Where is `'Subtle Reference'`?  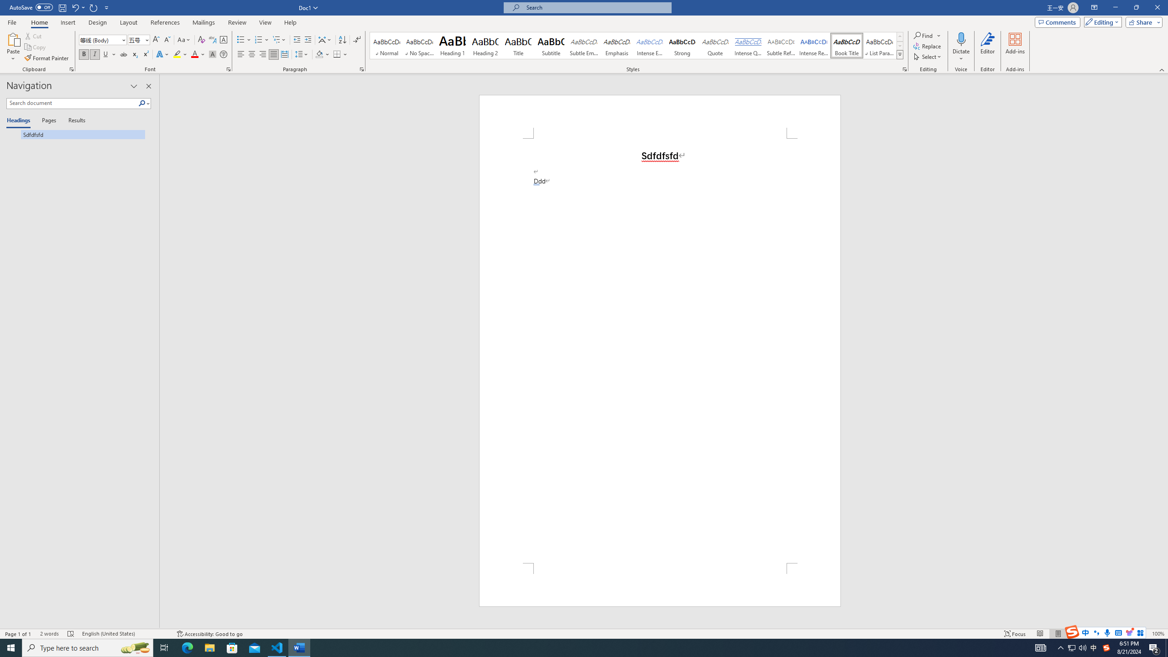
'Subtle Reference' is located at coordinates (781, 45).